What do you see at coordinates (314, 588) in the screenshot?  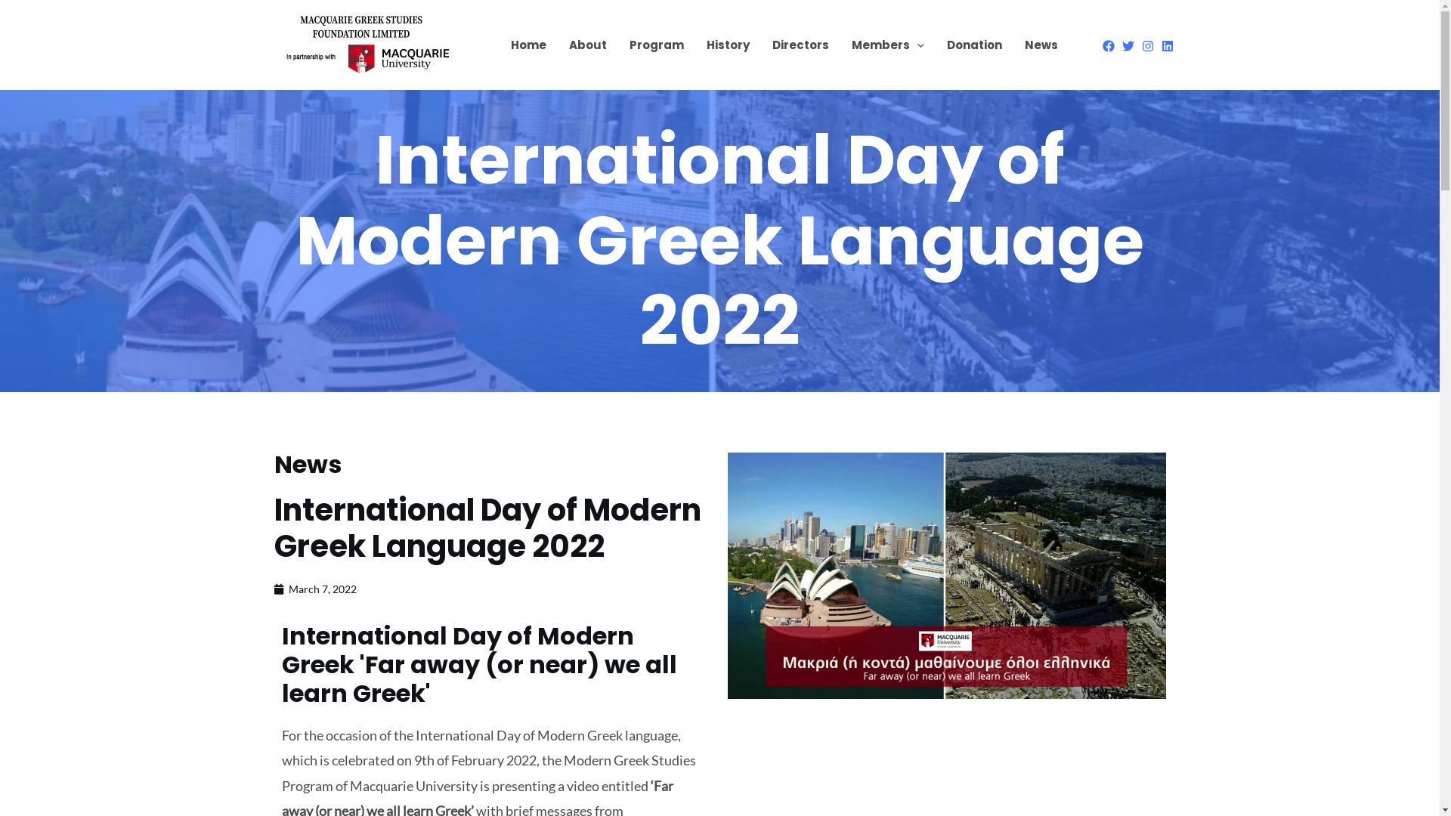 I see `'March 7, 2022'` at bounding box center [314, 588].